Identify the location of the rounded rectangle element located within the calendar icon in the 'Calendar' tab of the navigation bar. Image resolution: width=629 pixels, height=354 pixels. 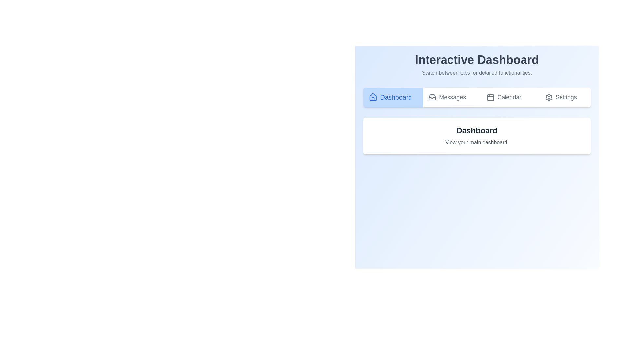
(491, 97).